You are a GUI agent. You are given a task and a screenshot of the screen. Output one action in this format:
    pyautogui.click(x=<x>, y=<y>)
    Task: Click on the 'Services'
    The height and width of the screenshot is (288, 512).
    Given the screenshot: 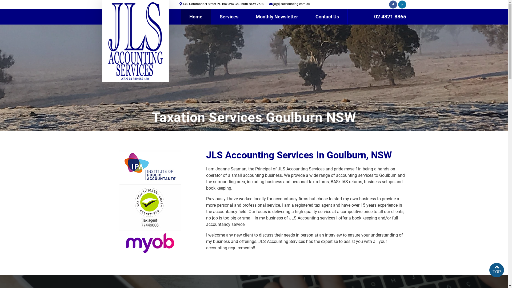 What is the action you would take?
    pyautogui.click(x=229, y=16)
    